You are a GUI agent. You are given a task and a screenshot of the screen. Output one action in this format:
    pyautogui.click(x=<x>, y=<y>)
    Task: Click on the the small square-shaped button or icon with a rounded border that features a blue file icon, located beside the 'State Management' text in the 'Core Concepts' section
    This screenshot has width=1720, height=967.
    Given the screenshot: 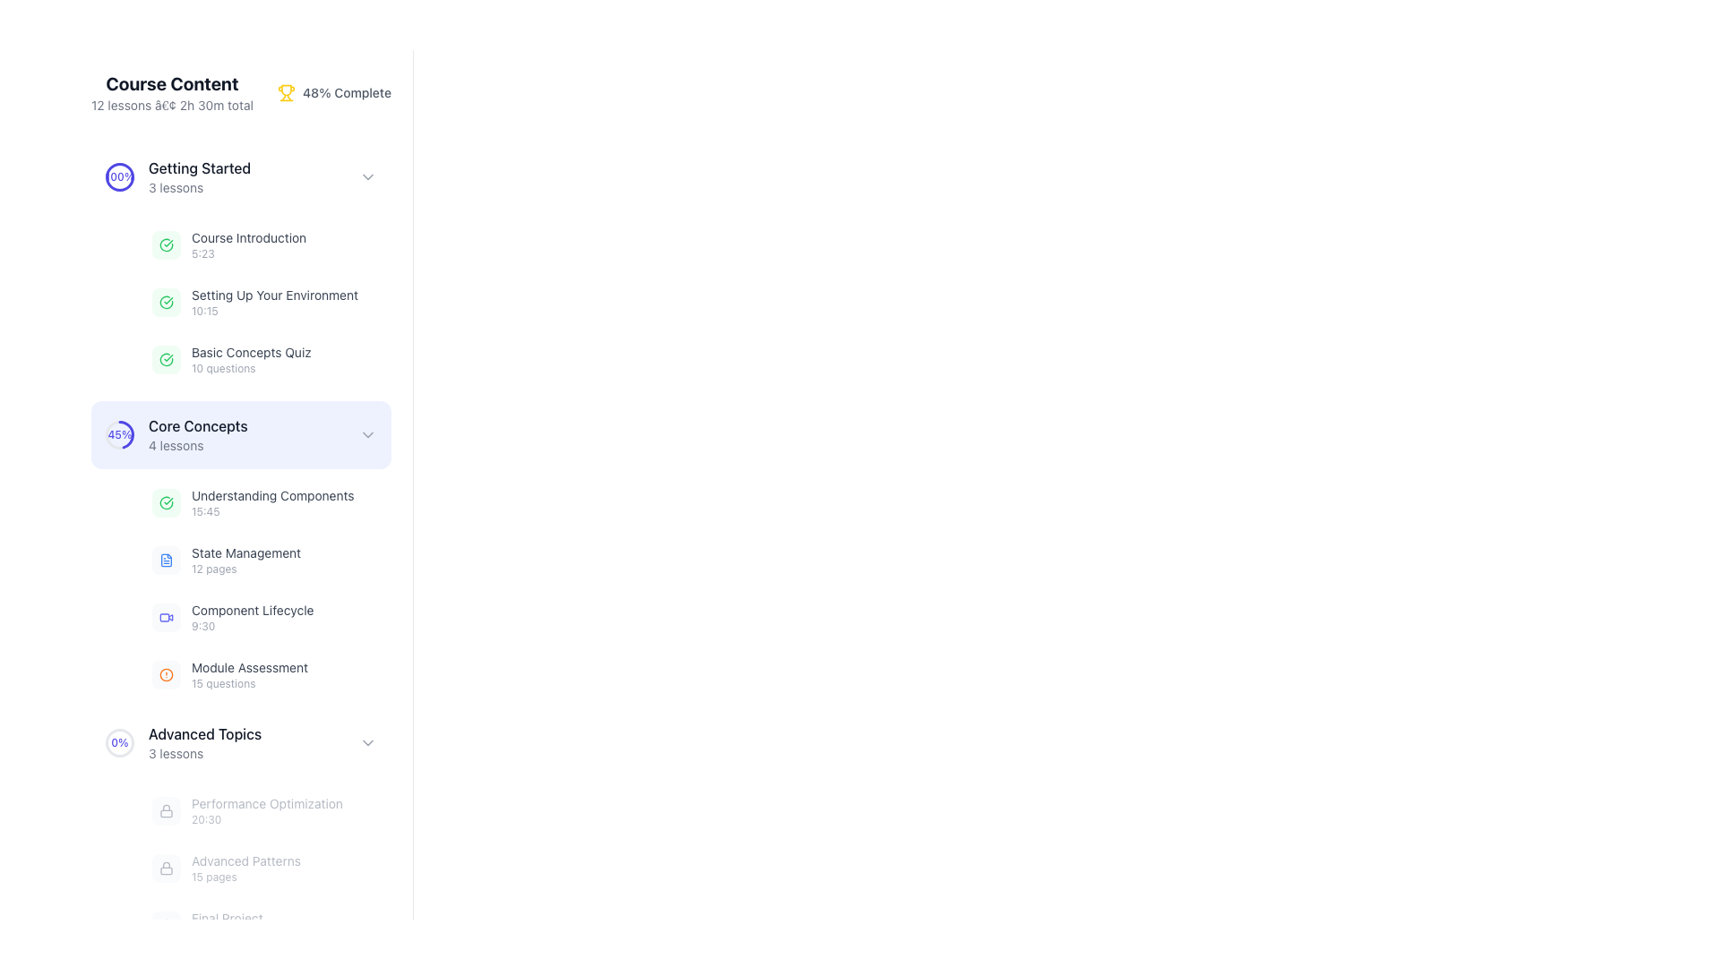 What is the action you would take?
    pyautogui.click(x=167, y=559)
    